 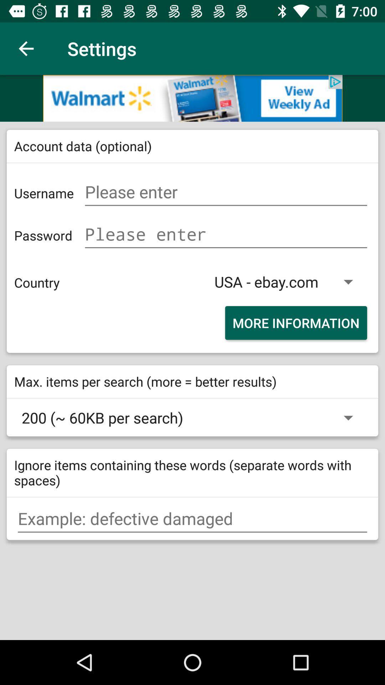 I want to click on typing box, so click(x=192, y=519).